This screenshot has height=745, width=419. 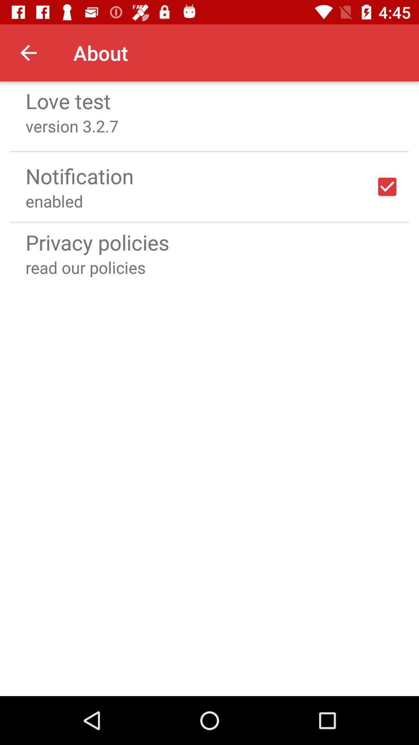 I want to click on the icon at the top right corner, so click(x=387, y=187).